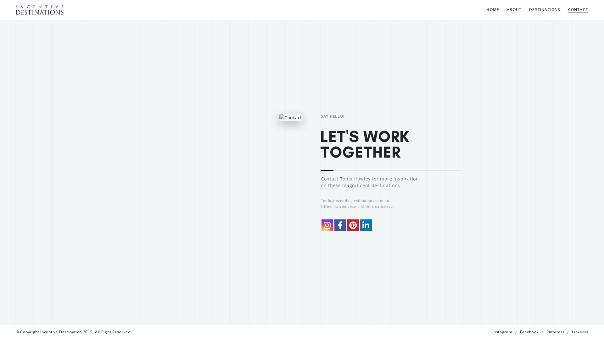 This screenshot has height=339, width=604. I want to click on 'Office 02 43602640', so click(338, 206).